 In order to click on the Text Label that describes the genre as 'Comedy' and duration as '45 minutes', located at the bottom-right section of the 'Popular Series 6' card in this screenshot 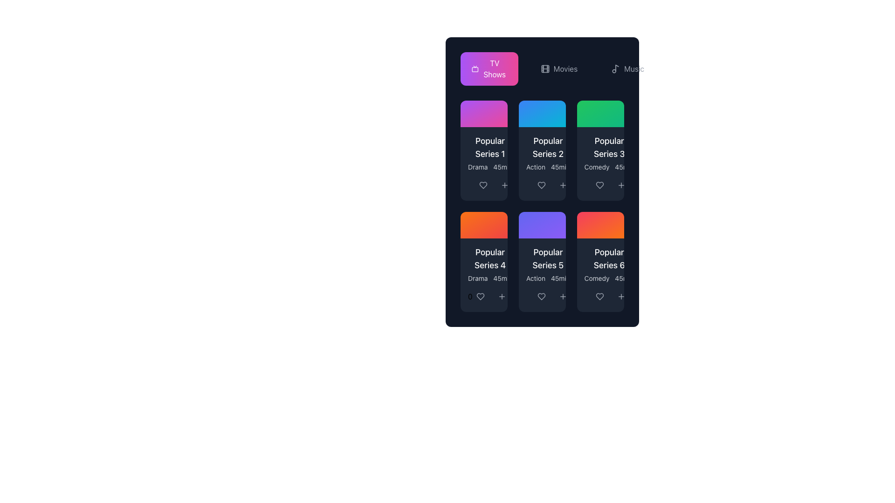, I will do `click(609, 278)`.